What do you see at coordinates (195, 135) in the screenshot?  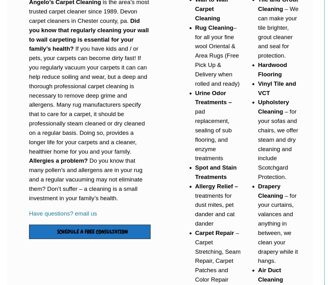 I see `'pad replacement, sealing of sub flooring, and enzyme treatments'` at bounding box center [195, 135].